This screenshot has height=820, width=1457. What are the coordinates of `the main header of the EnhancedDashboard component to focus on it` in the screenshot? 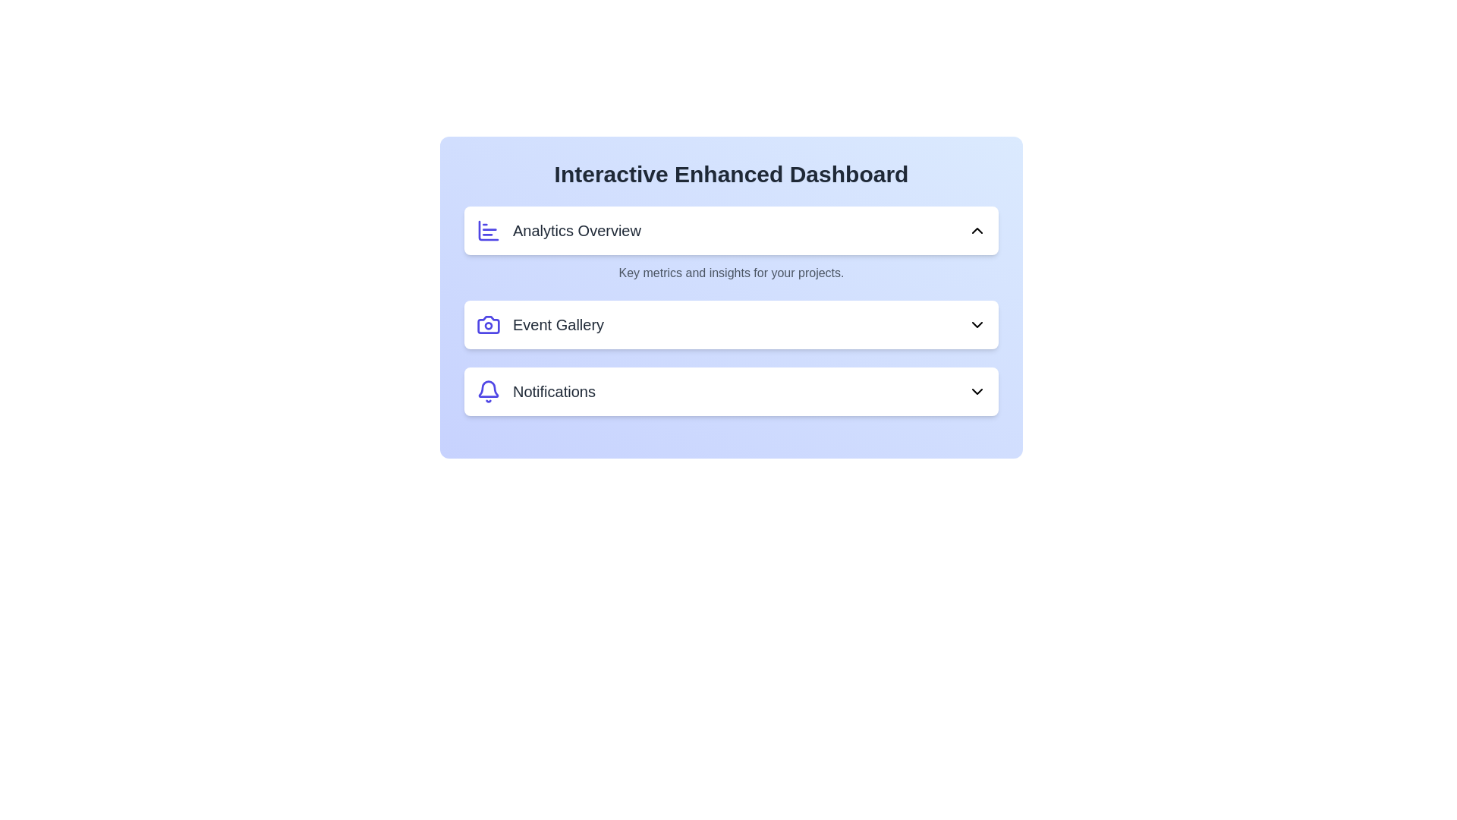 It's located at (732, 174).